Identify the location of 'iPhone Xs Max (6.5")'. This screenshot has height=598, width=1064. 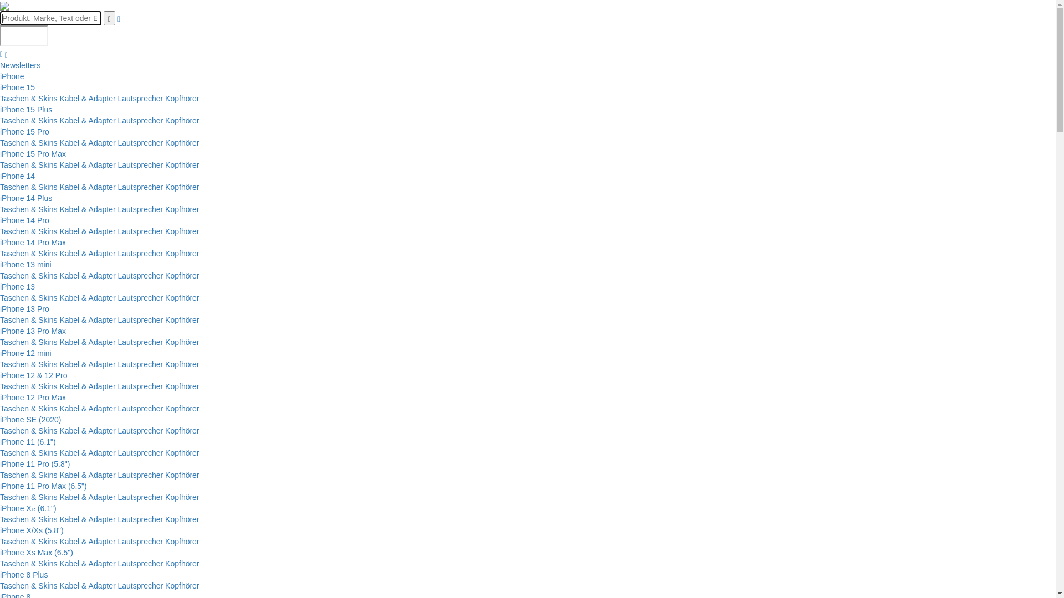
(37, 553).